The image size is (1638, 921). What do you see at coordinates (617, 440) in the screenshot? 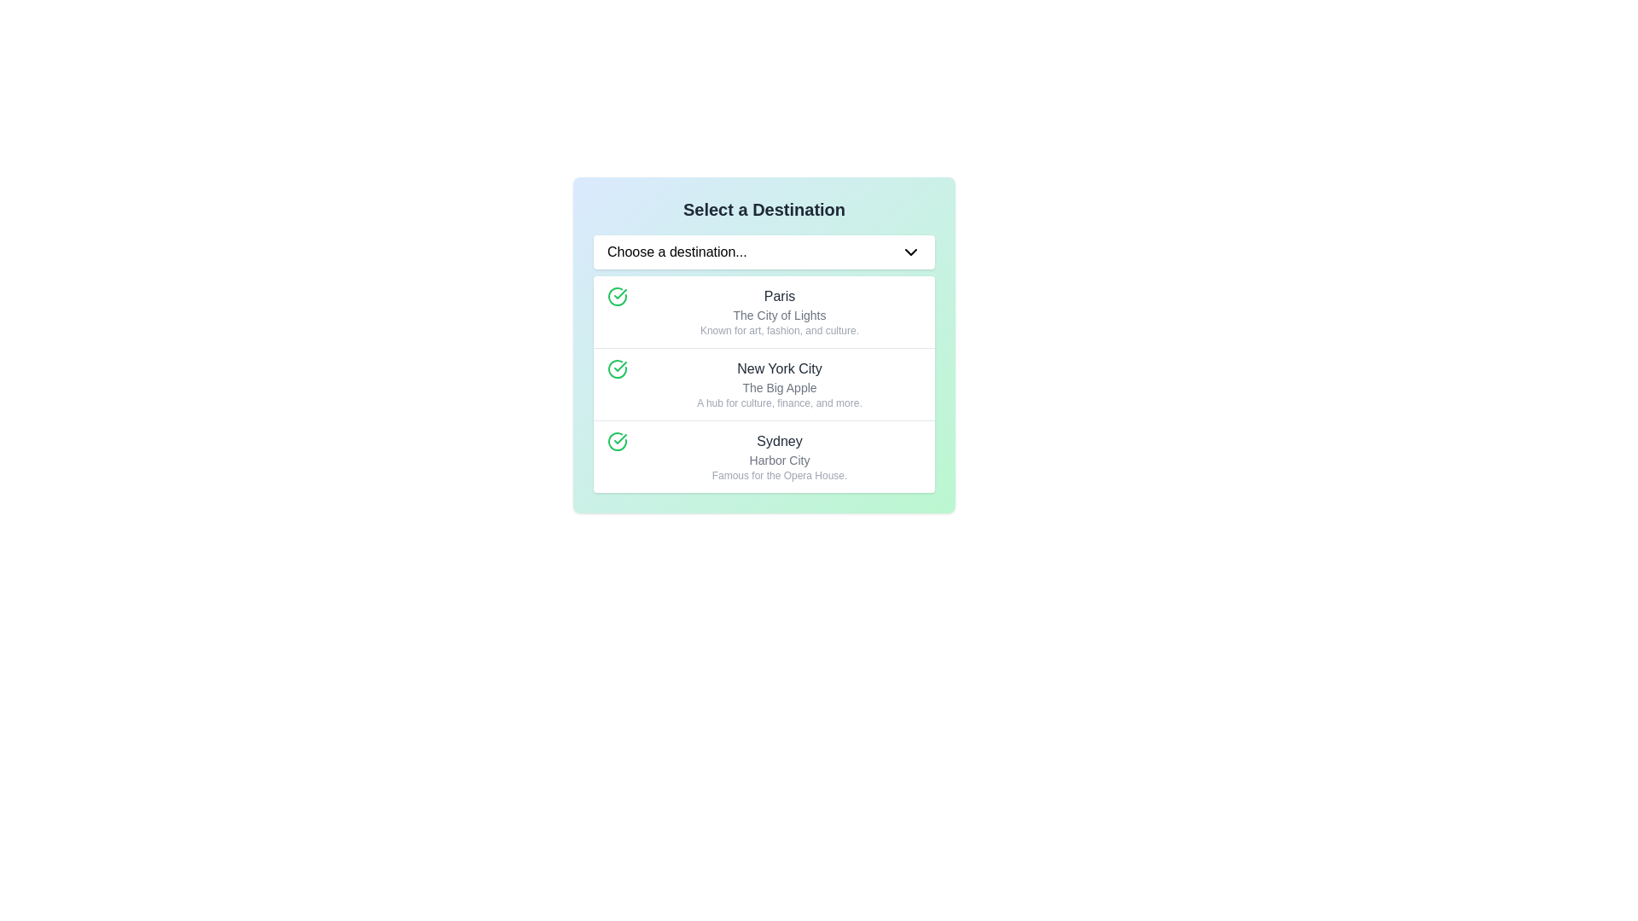
I see `the circular icon with a checkmark inside, which has a green outline and is located to the left of the title 'Sydney' in the list of destinations` at bounding box center [617, 440].